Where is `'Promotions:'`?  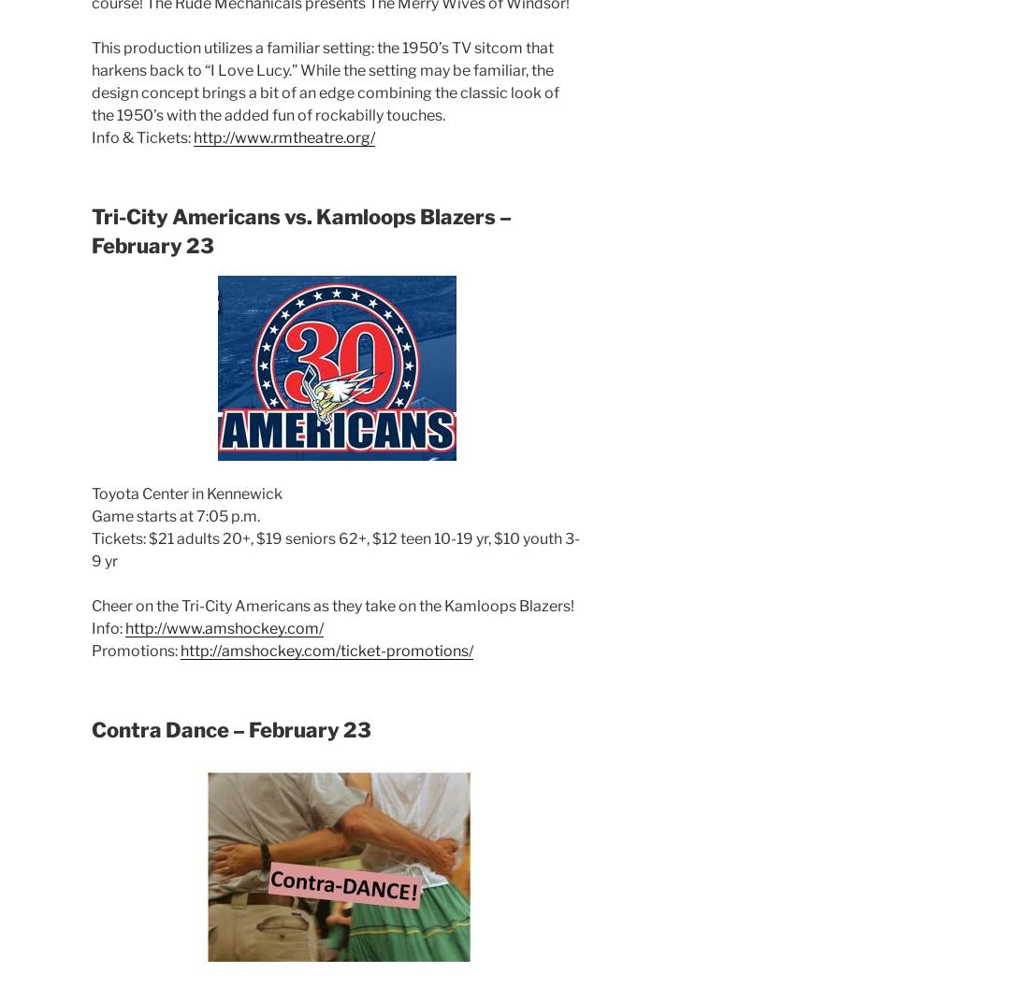
'Promotions:' is located at coordinates (135, 650).